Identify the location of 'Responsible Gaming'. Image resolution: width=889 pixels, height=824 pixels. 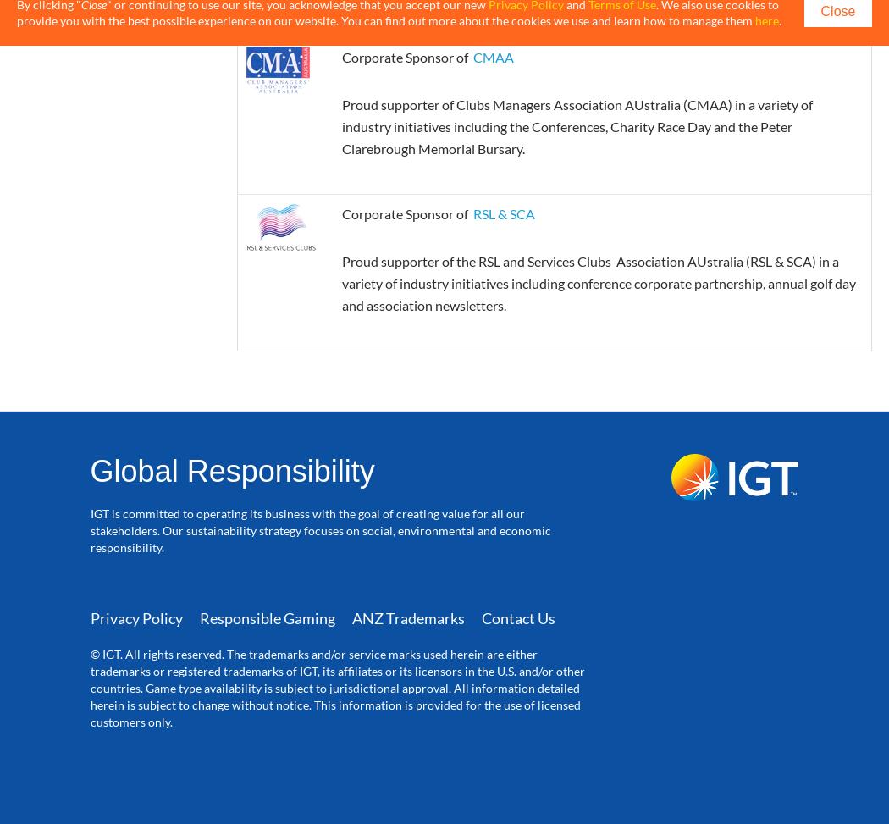
(267, 618).